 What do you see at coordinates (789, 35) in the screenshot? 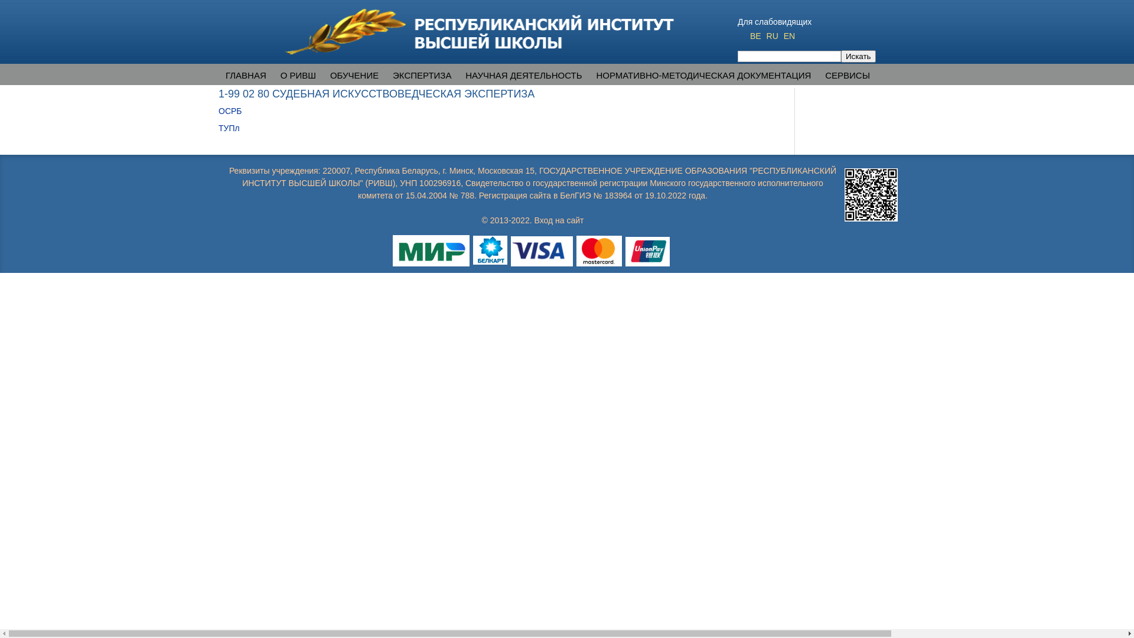
I see `'EN'` at bounding box center [789, 35].